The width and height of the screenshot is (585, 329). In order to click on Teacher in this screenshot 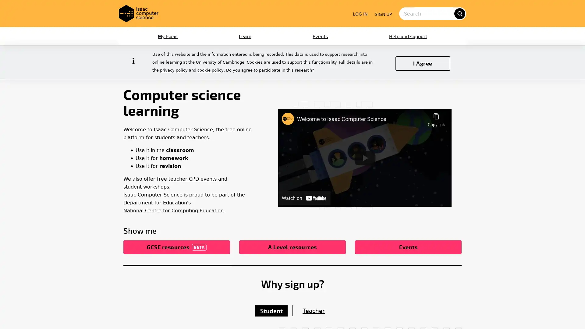, I will do `click(314, 310)`.